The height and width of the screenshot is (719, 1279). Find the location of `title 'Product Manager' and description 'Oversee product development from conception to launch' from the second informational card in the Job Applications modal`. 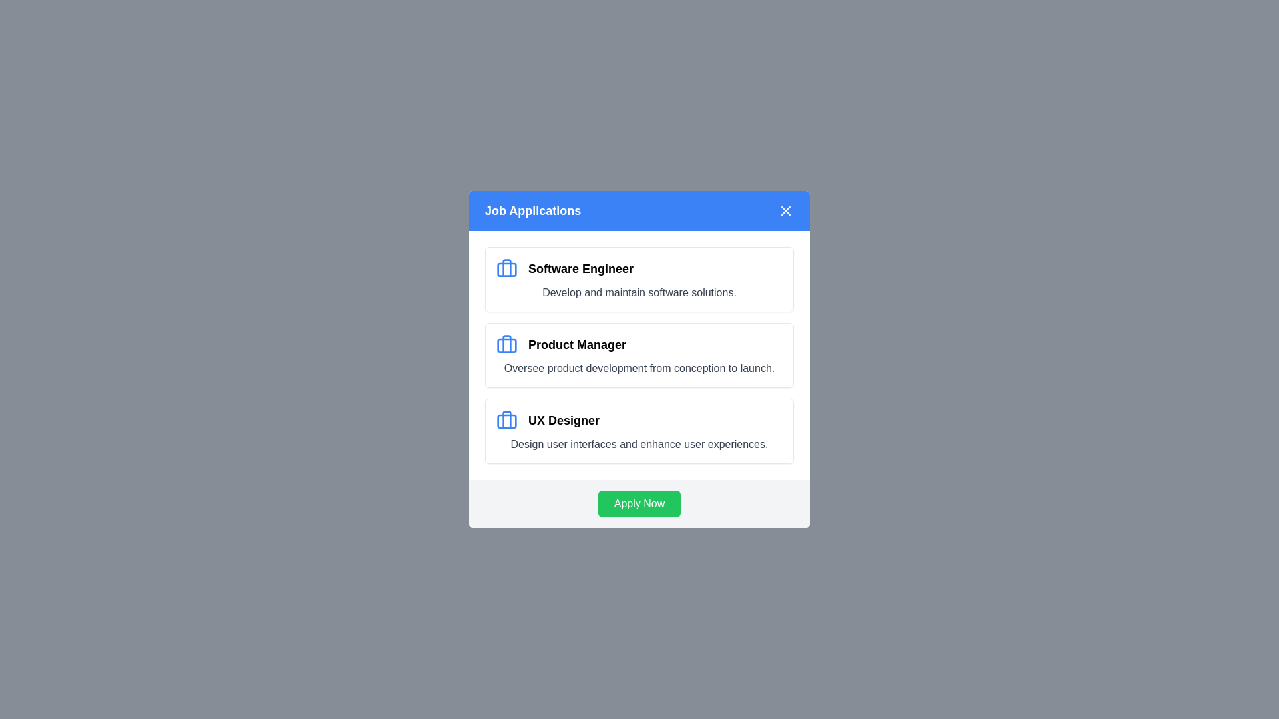

title 'Product Manager' and description 'Oversee product development from conception to launch' from the second informational card in the Job Applications modal is located at coordinates (639, 354).